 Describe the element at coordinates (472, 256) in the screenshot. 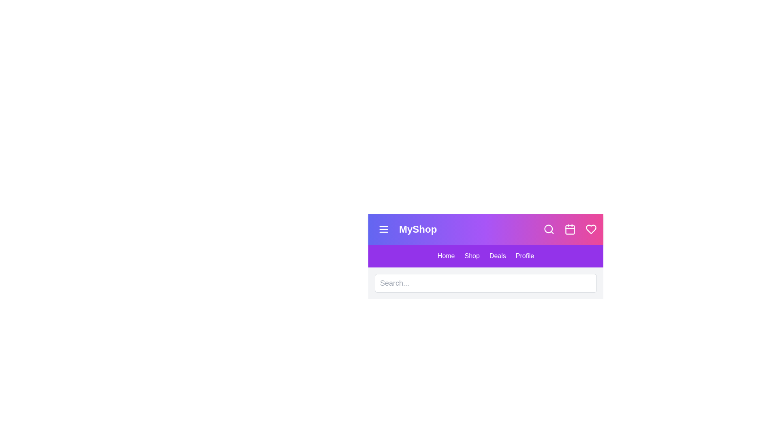

I see `the navigation link labeled Shop to navigate to the corresponding section` at that location.